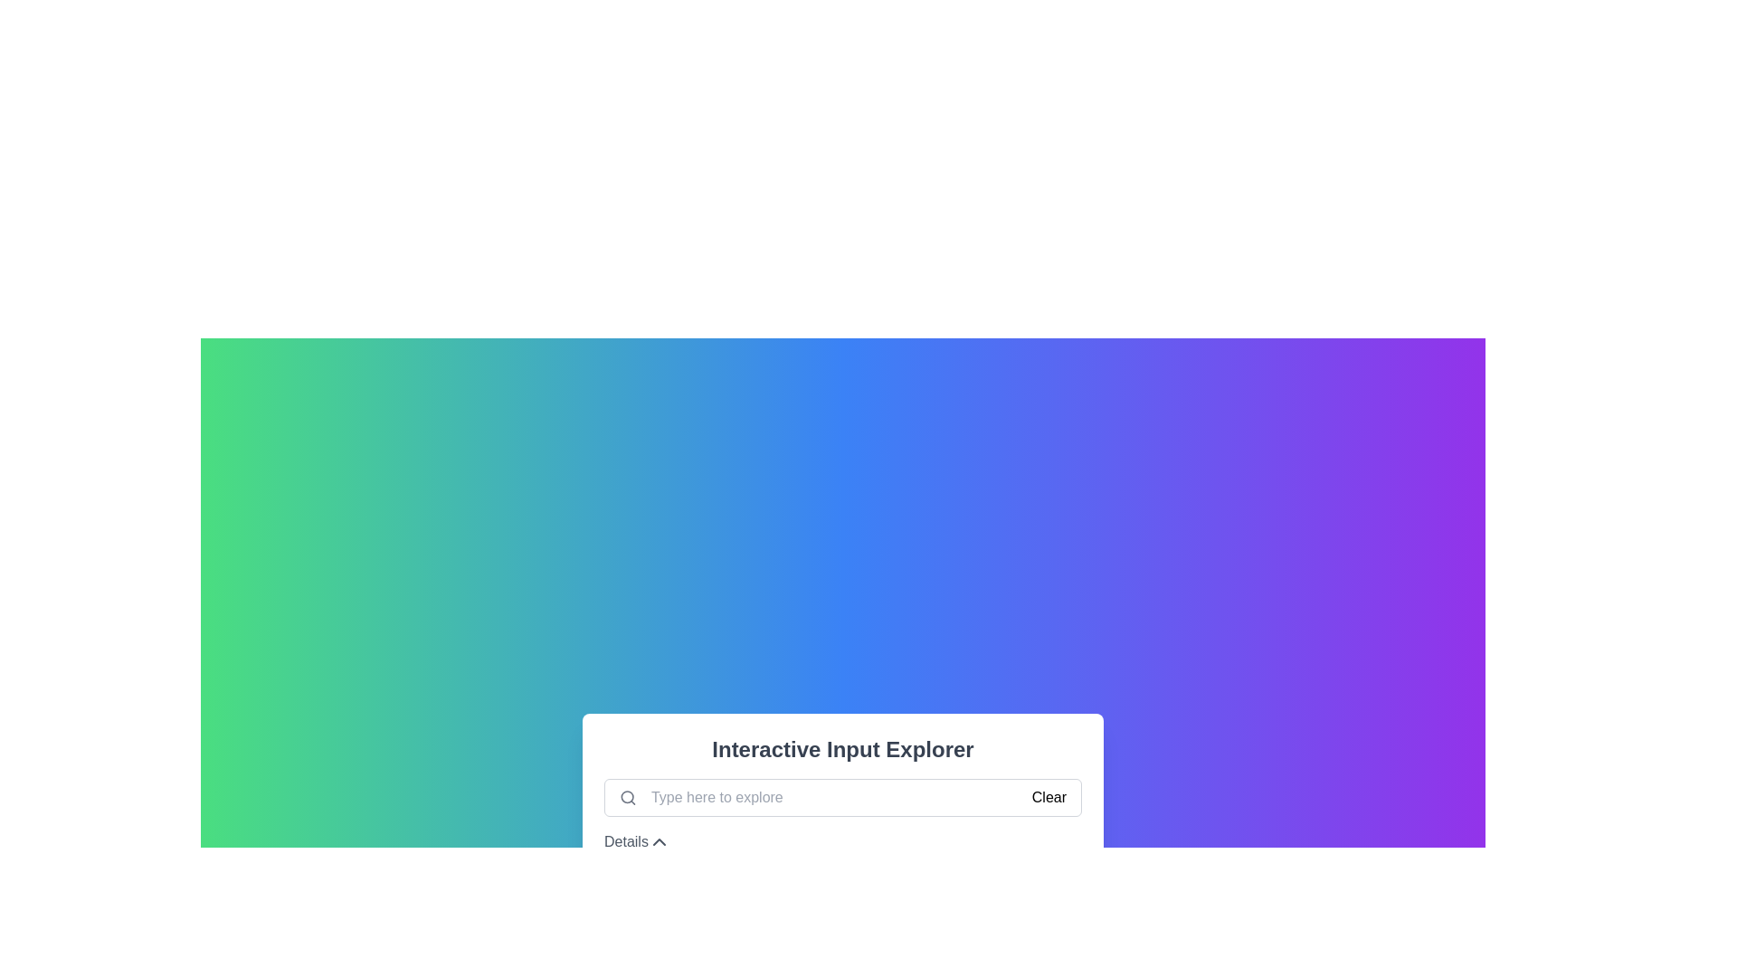 This screenshot has height=977, width=1737. What do you see at coordinates (637, 841) in the screenshot?
I see `the upward arrow icon adjacent to the 'Details' text label in the bottom-left section of the 'Interactive Input Explorer' component to interact` at bounding box center [637, 841].